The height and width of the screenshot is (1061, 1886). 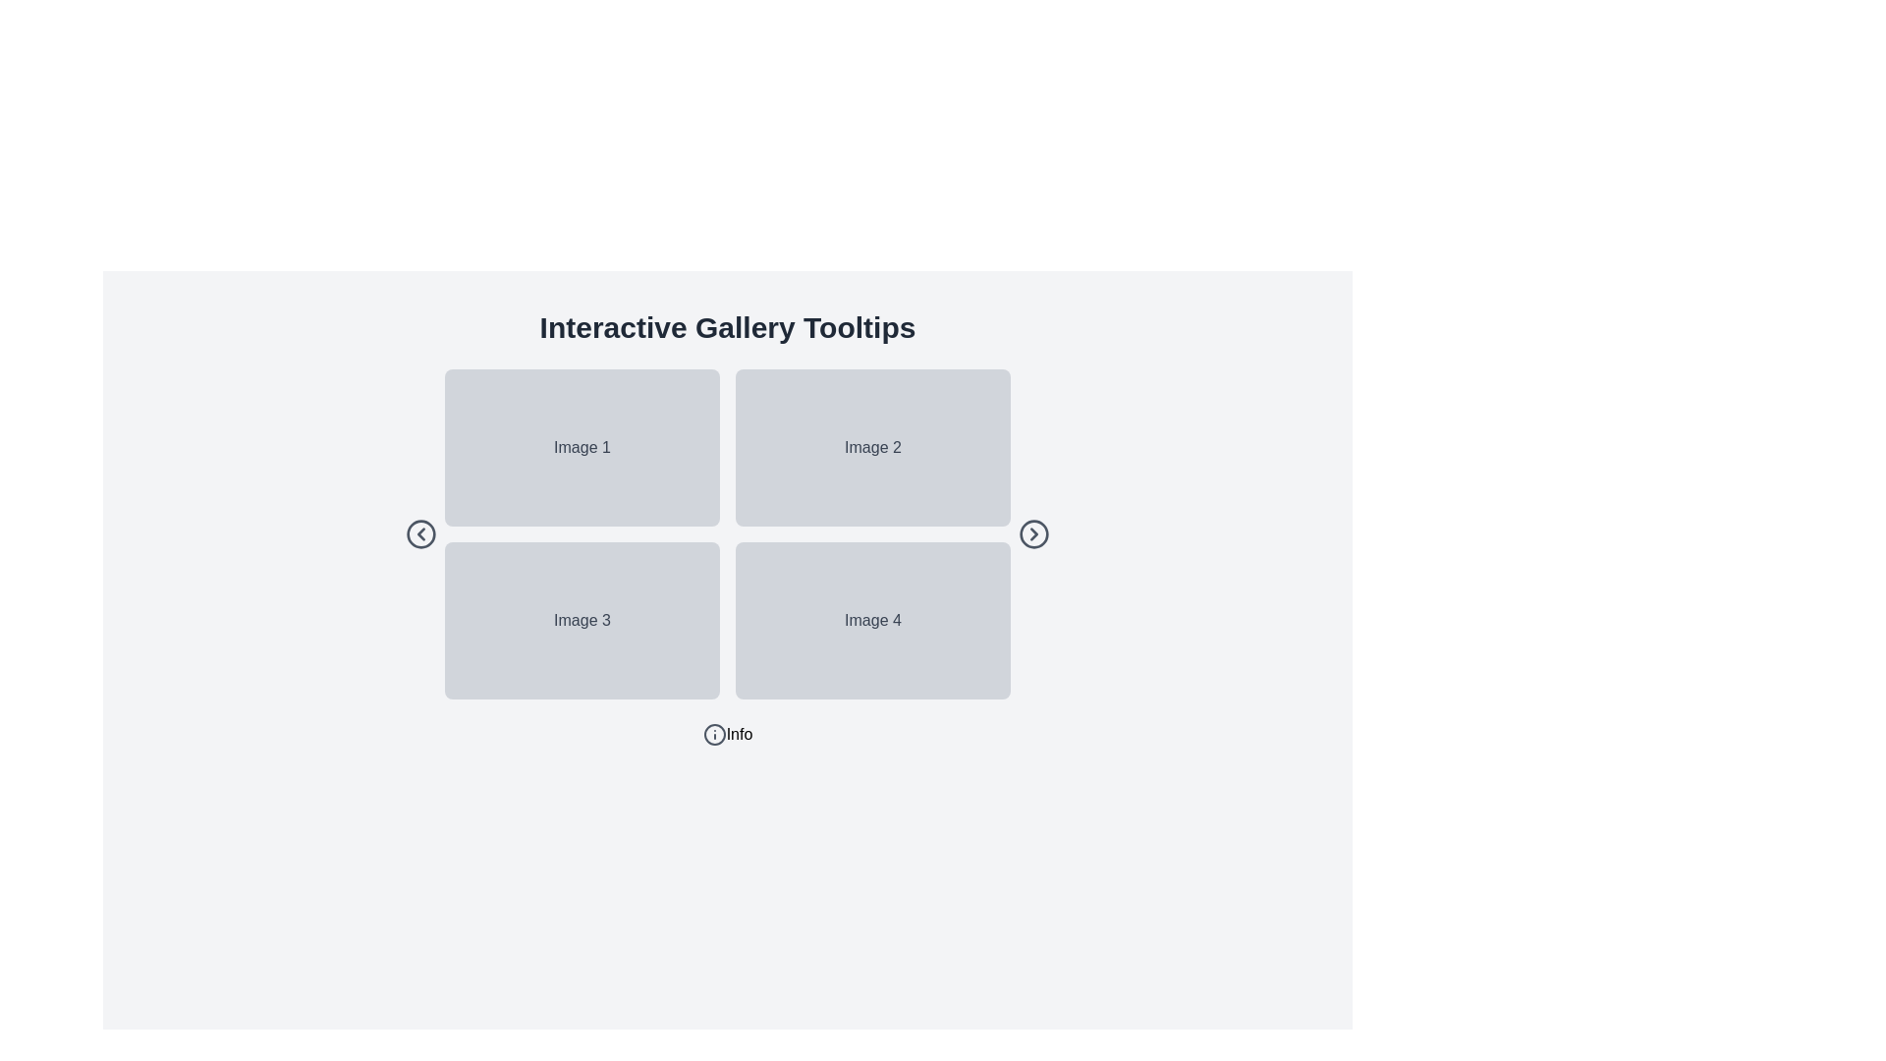 I want to click on the text label 'Image 3' which is located in the lower-left item of a 2x2 grid of images and text labels, providing context for the corresponding item, so click(x=581, y=621).